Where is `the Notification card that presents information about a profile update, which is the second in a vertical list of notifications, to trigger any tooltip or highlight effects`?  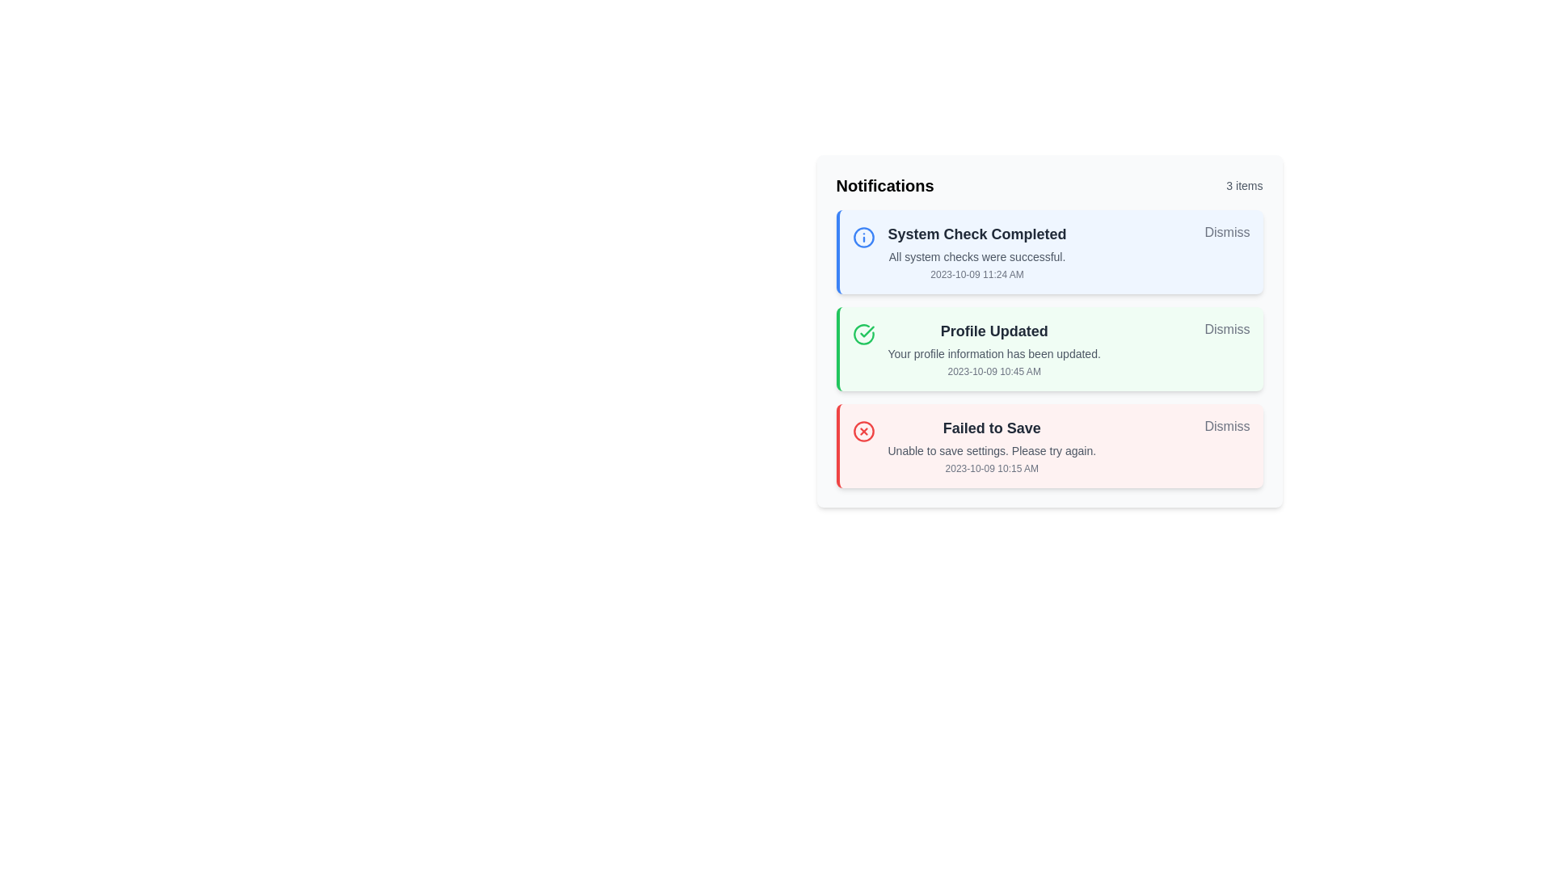
the Notification card that presents information about a profile update, which is the second in a vertical list of notifications, to trigger any tooltip or highlight effects is located at coordinates (1049, 348).